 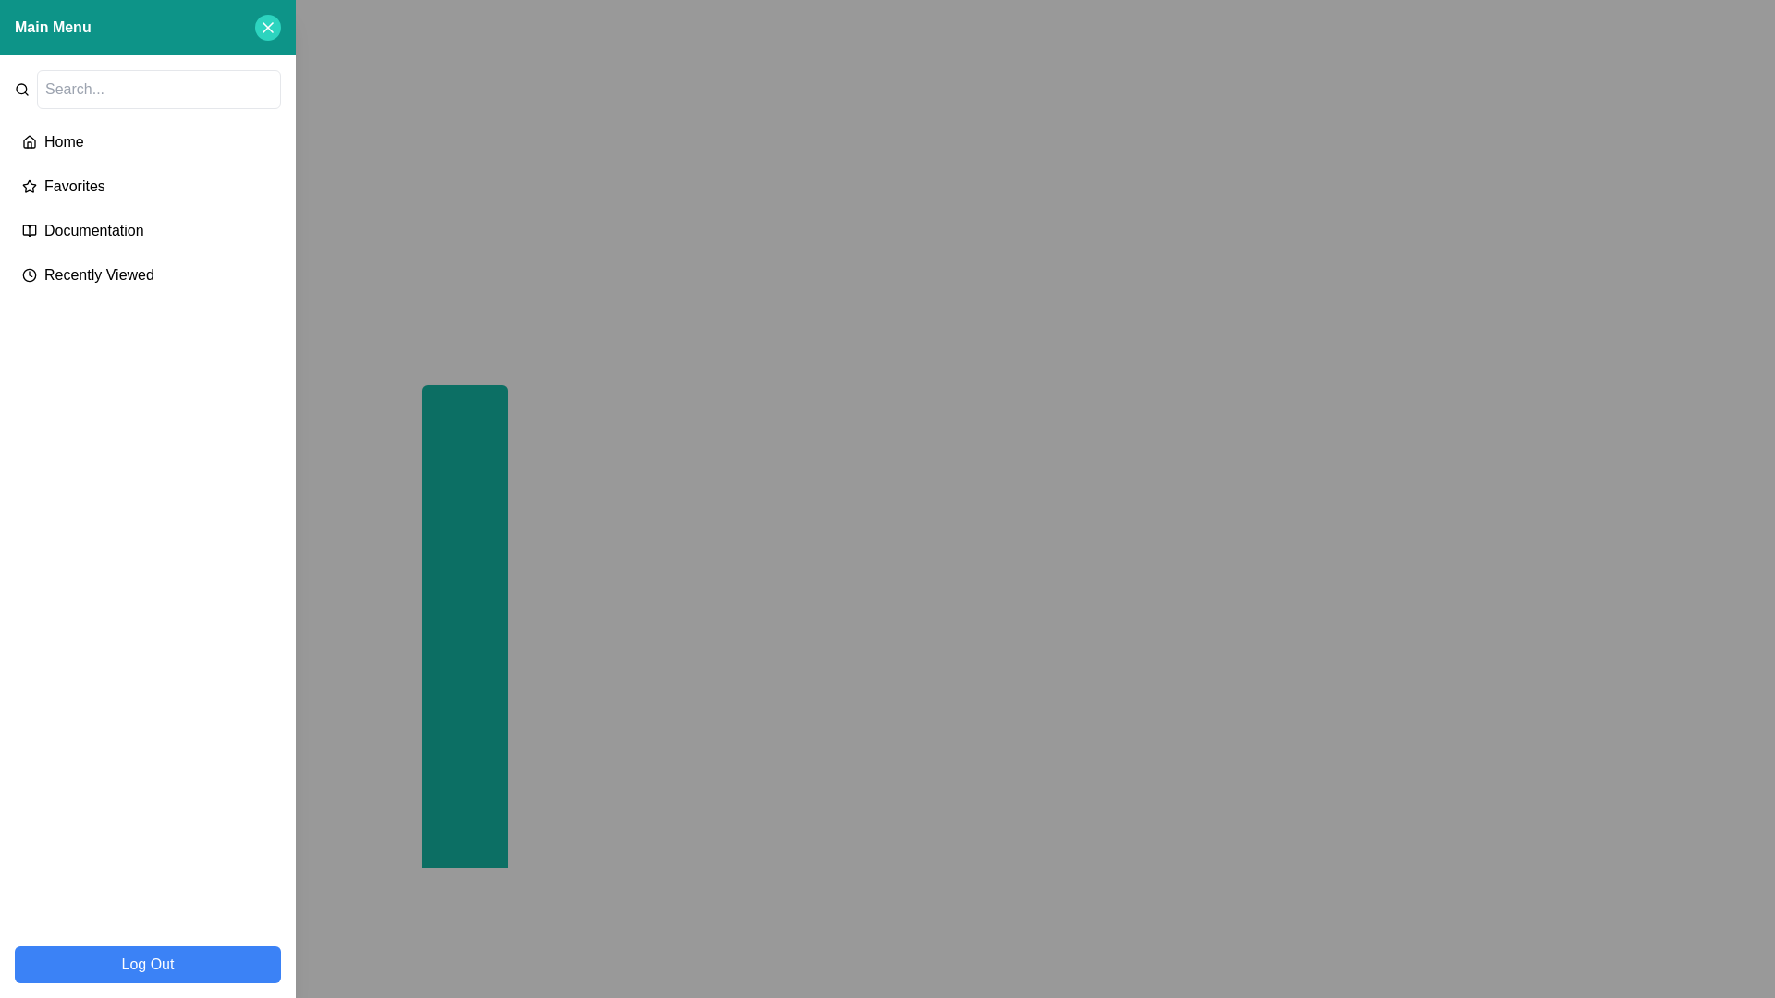 What do you see at coordinates (146, 274) in the screenshot?
I see `the 'Recently Viewed' menu item, which is the fourth item in the vertical menu list and features a circular clock icon followed by the text` at bounding box center [146, 274].